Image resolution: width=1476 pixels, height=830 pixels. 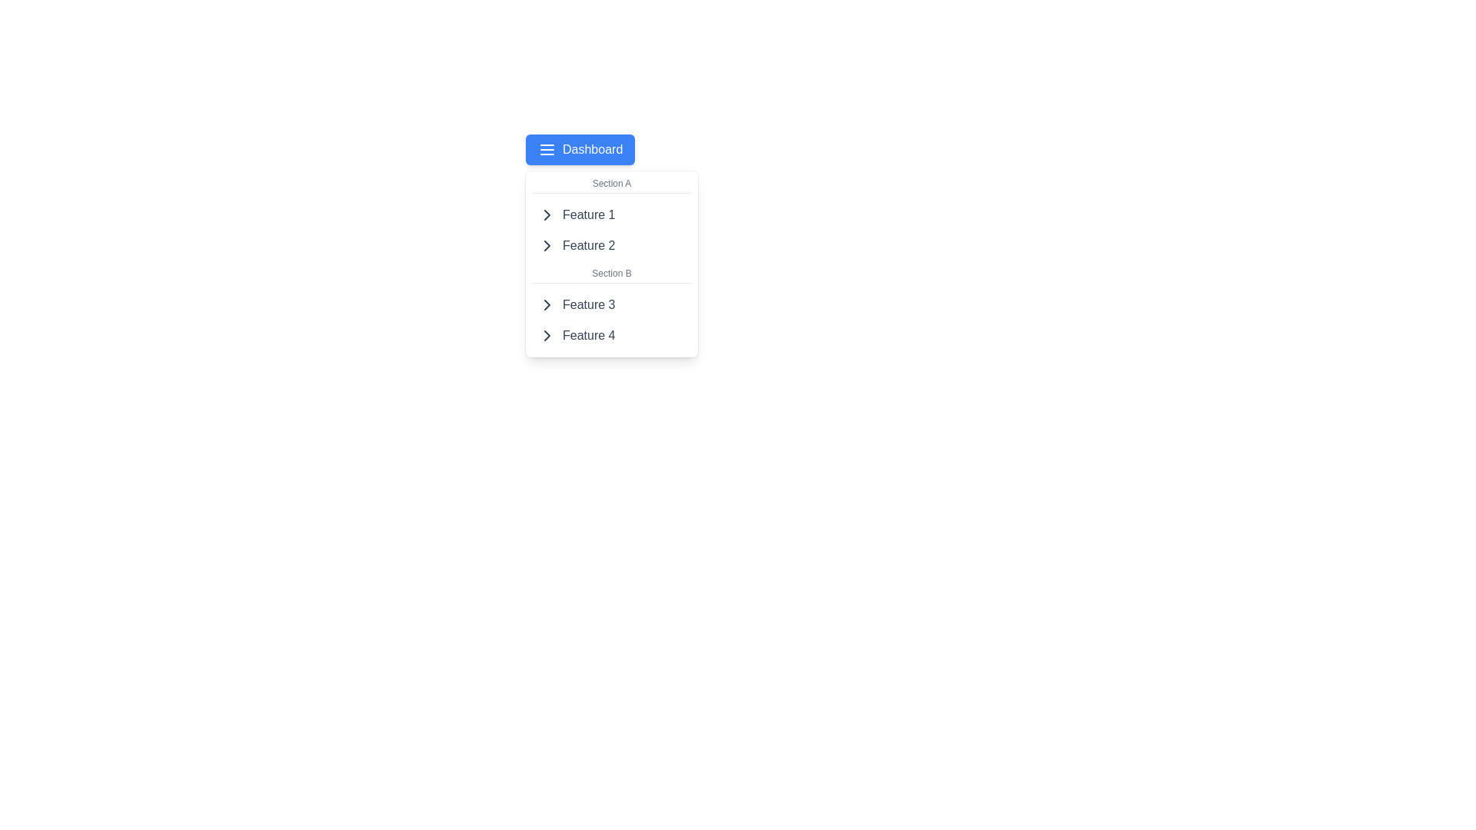 I want to click on the Interactive menu item that represents 'Feature 2' located in the vertical list under 'Section A', so click(x=611, y=245).